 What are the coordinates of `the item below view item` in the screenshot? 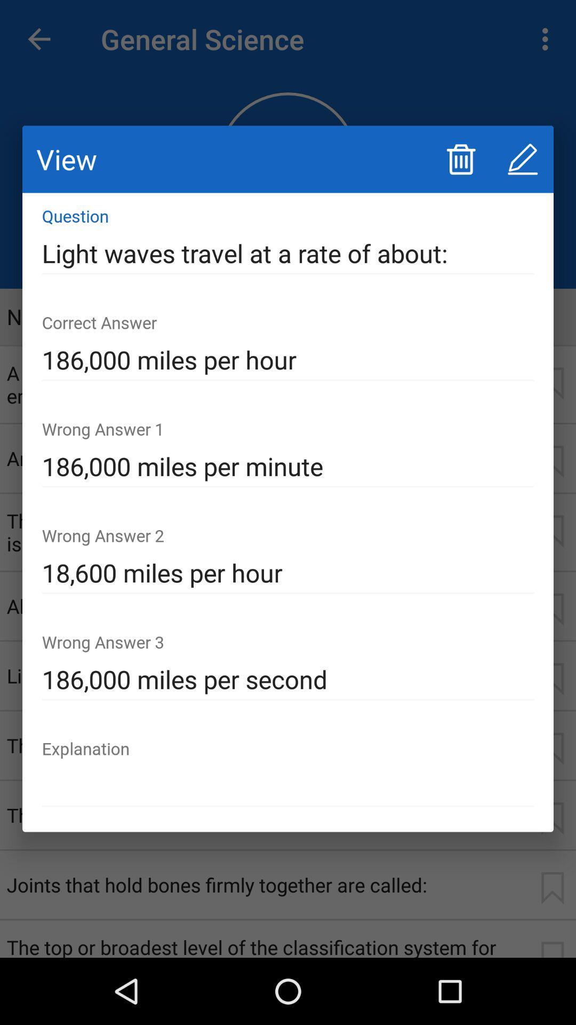 It's located at (288, 253).